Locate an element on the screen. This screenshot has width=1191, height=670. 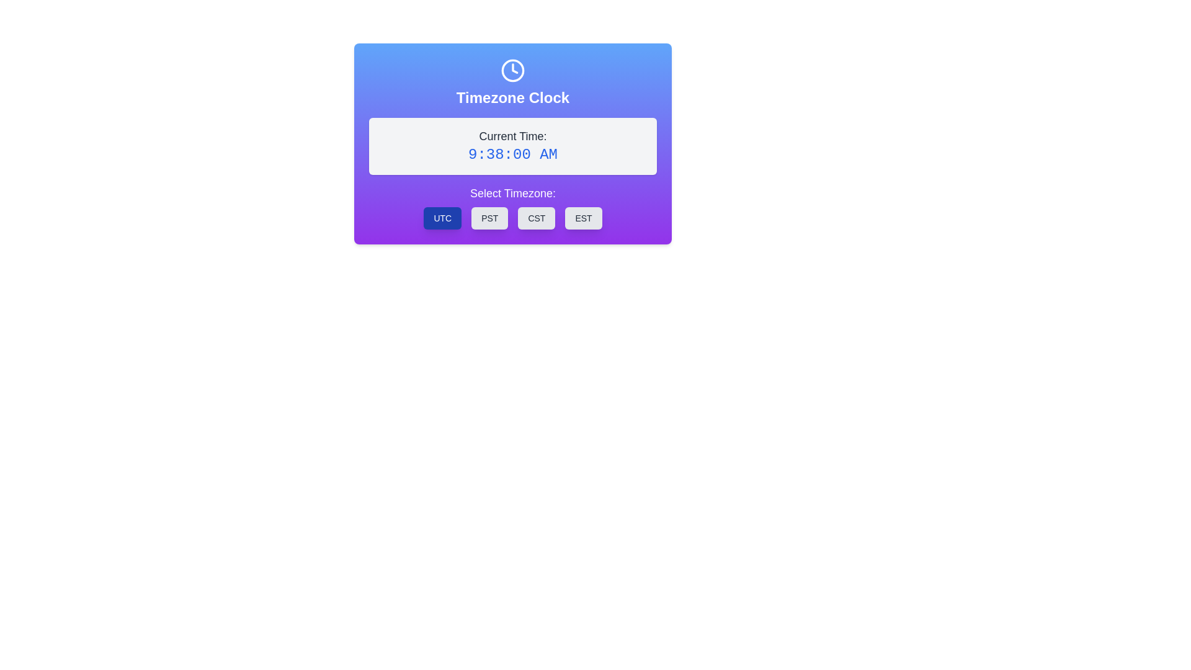
the SVG circle graphic component representing the clock face, which has a white outline and is located at the top-center of the panel above the 'Timezone Clock' text is located at coordinates (512, 71).